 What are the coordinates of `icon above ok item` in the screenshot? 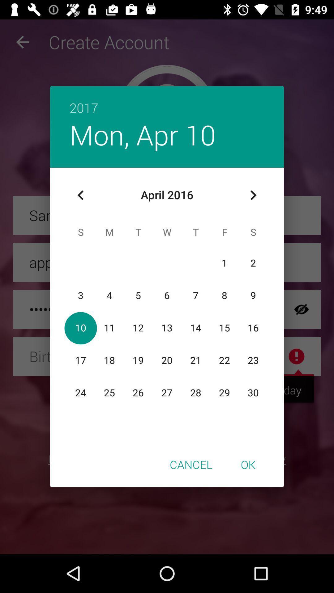 It's located at (253, 195).